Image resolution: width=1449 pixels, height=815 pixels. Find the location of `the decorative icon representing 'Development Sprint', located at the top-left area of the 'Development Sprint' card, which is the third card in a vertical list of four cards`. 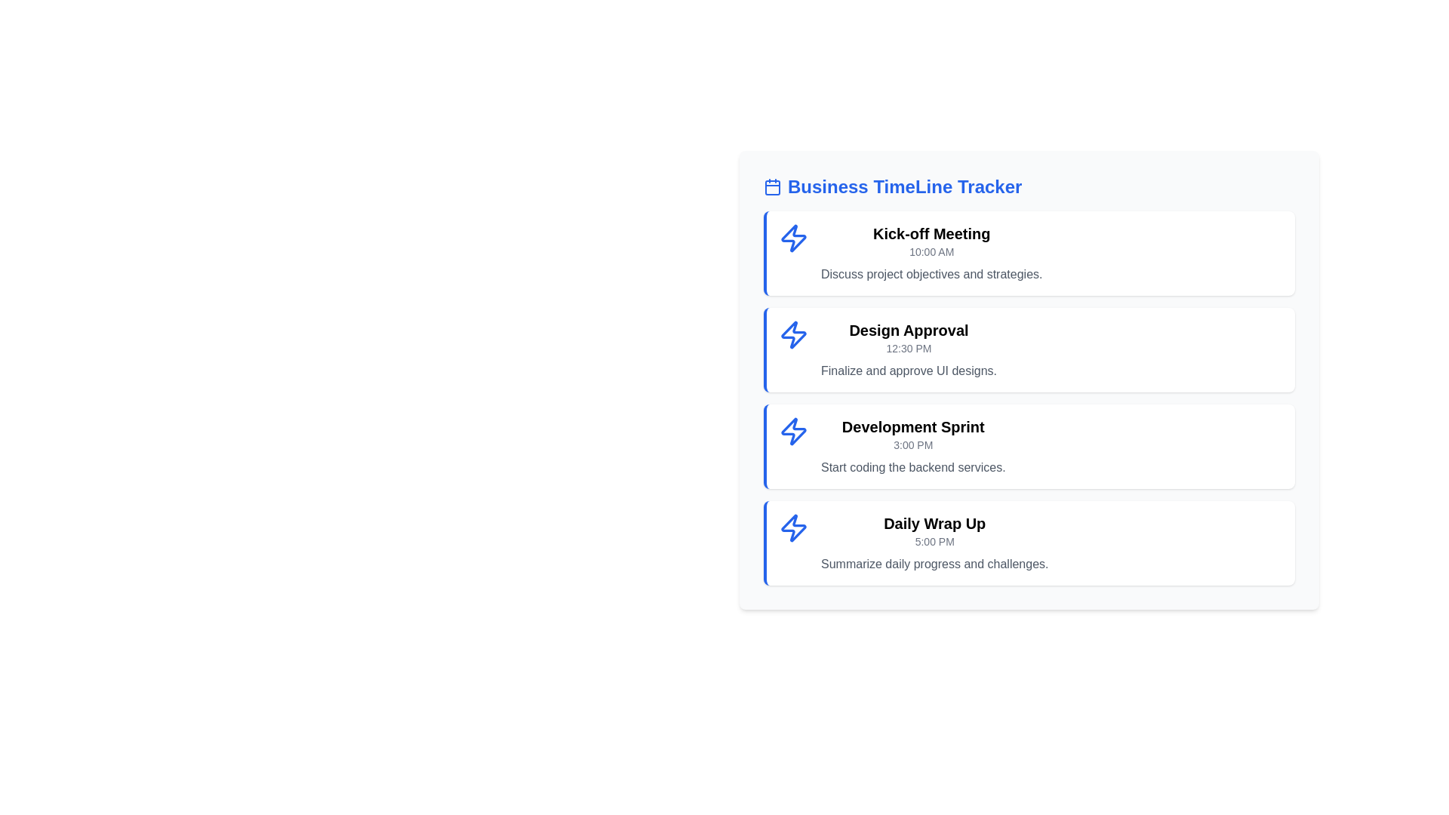

the decorative icon representing 'Development Sprint', located at the top-left area of the 'Development Sprint' card, which is the third card in a vertical list of four cards is located at coordinates (792, 431).